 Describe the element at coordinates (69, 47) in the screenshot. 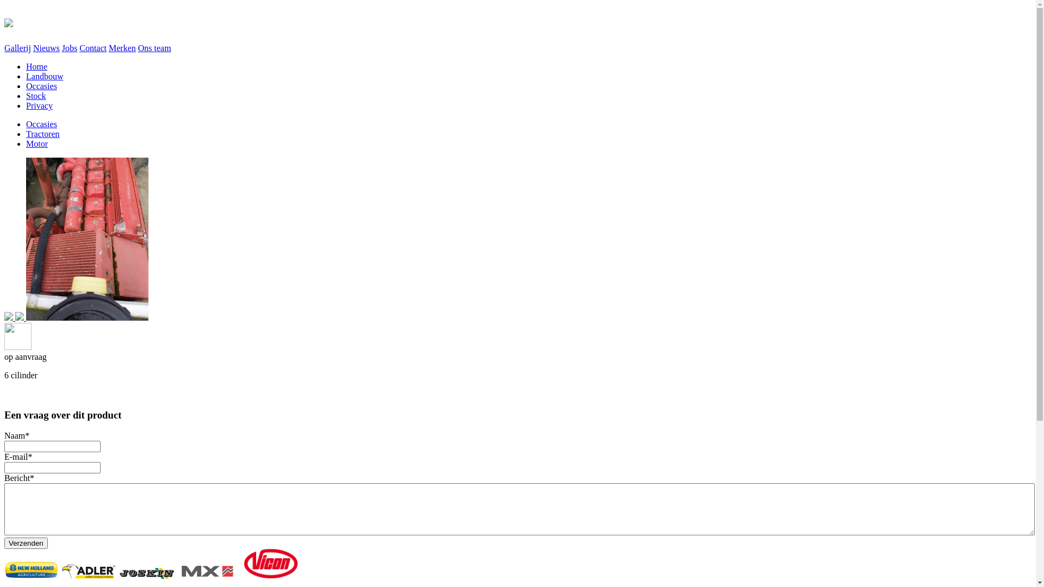

I see `'Jobs'` at that location.